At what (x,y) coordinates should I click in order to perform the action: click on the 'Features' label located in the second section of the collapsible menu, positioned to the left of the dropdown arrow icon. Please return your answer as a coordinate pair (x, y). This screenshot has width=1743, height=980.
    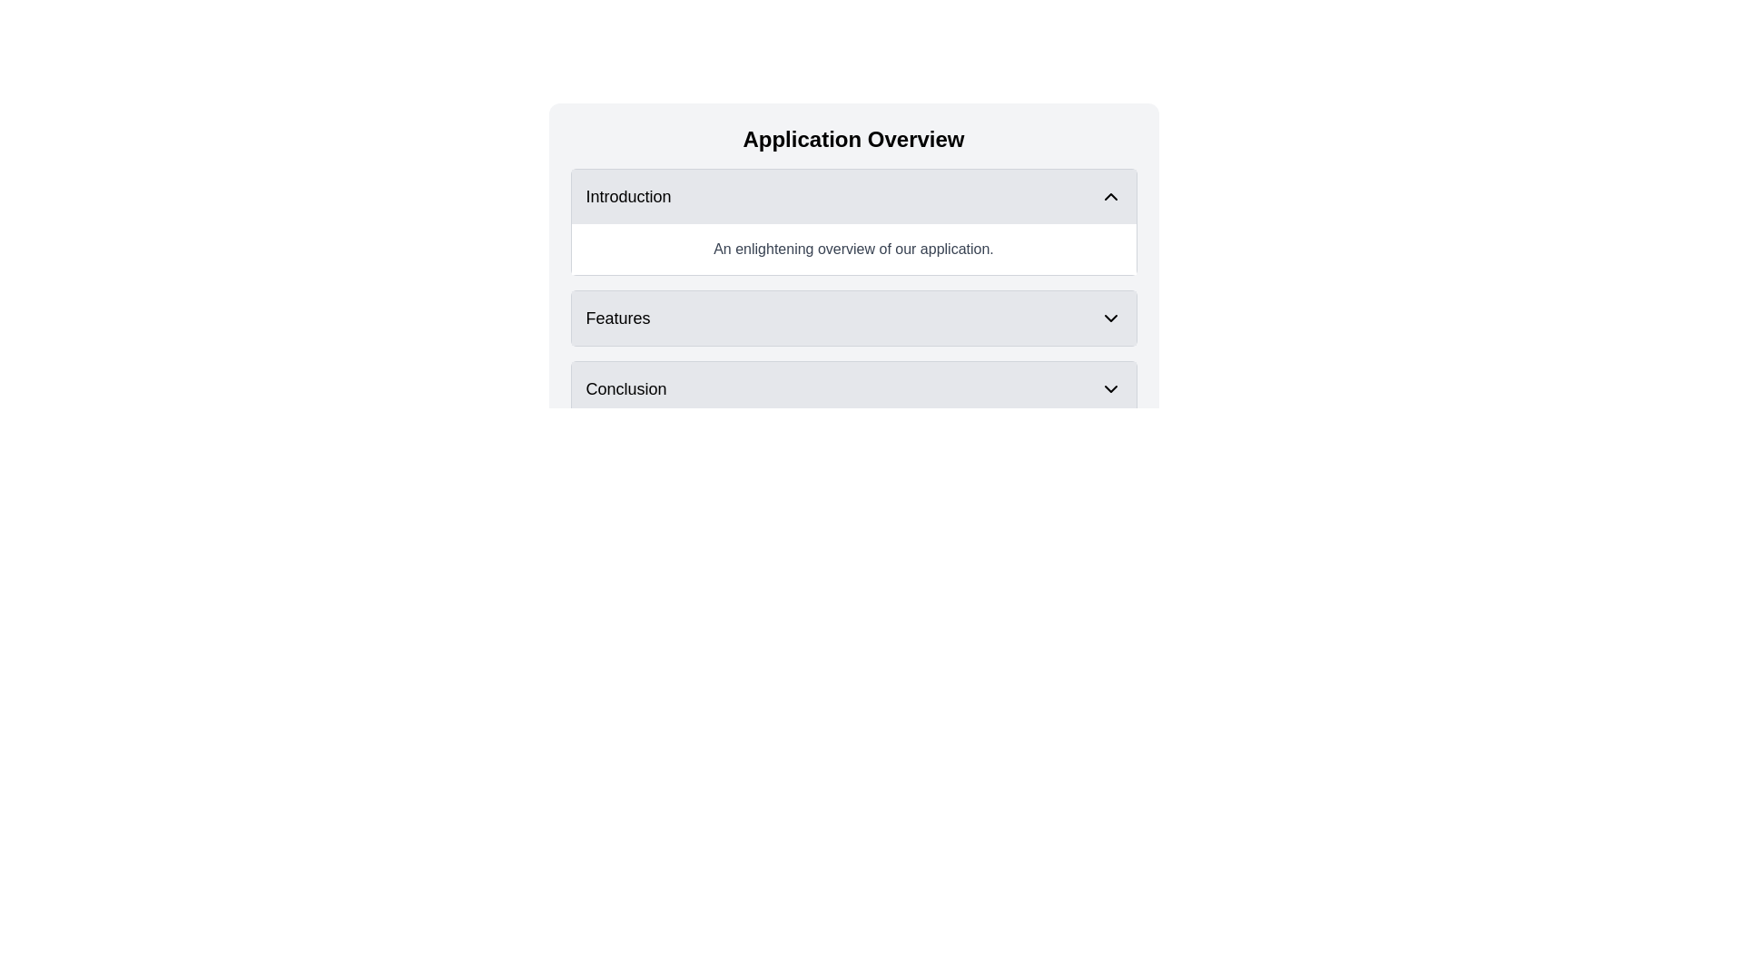
    Looking at the image, I should click on (618, 318).